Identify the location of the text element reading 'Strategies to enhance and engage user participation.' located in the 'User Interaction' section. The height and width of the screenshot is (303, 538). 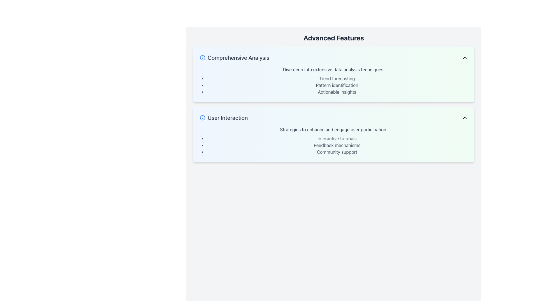
(333, 130).